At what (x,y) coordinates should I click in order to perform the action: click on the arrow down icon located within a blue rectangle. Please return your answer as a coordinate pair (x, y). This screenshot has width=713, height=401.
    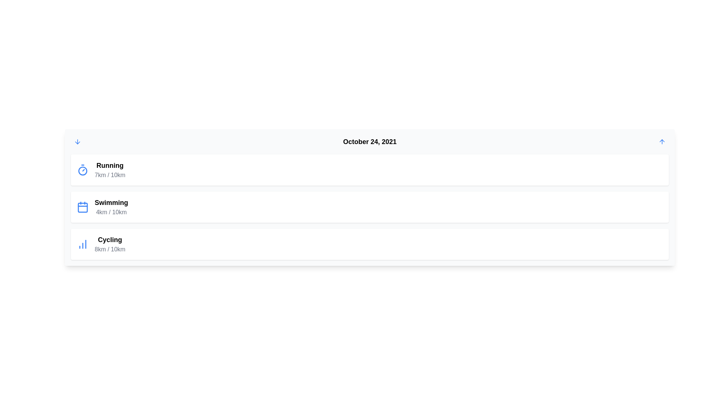
    Looking at the image, I should click on (78, 141).